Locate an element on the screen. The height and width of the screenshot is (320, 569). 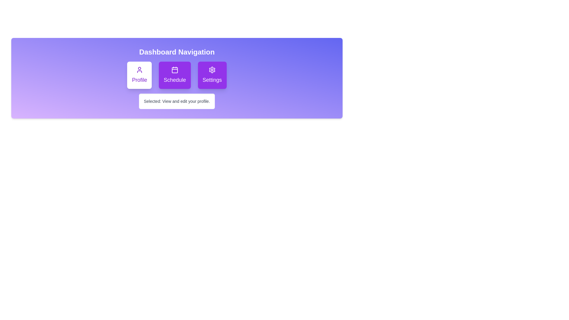
the leftmost button in the horizontal navigation bar is located at coordinates (139, 75).